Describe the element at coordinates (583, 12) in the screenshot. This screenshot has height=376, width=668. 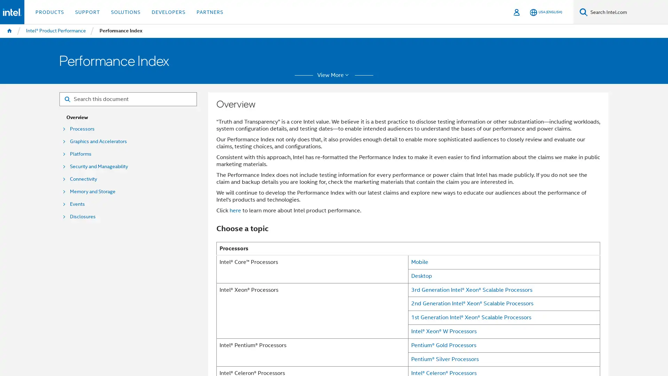
I see `Search` at that location.